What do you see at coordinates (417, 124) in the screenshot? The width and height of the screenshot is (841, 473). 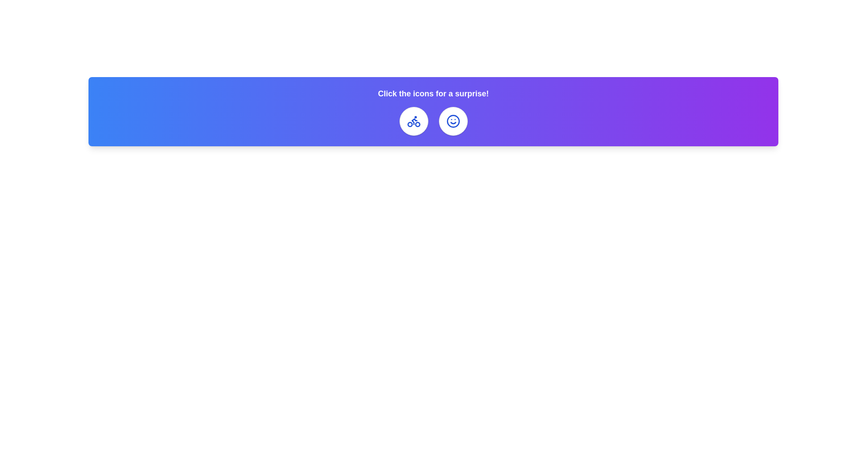 I see `the graphical circle representing the rear wheel of the bicycle icon located at the center of the interface` at bounding box center [417, 124].